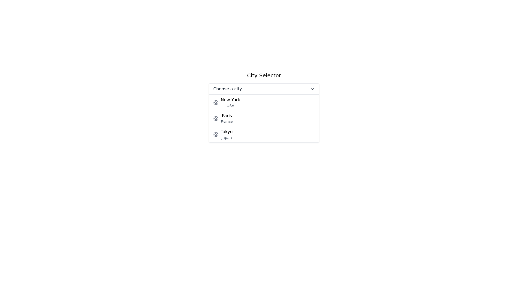 Image resolution: width=510 pixels, height=287 pixels. I want to click on the first option in the dropdown menu, so click(264, 102).